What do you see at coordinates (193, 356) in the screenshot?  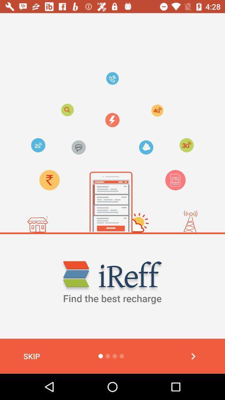 I see `skip this introcuction frame` at bounding box center [193, 356].